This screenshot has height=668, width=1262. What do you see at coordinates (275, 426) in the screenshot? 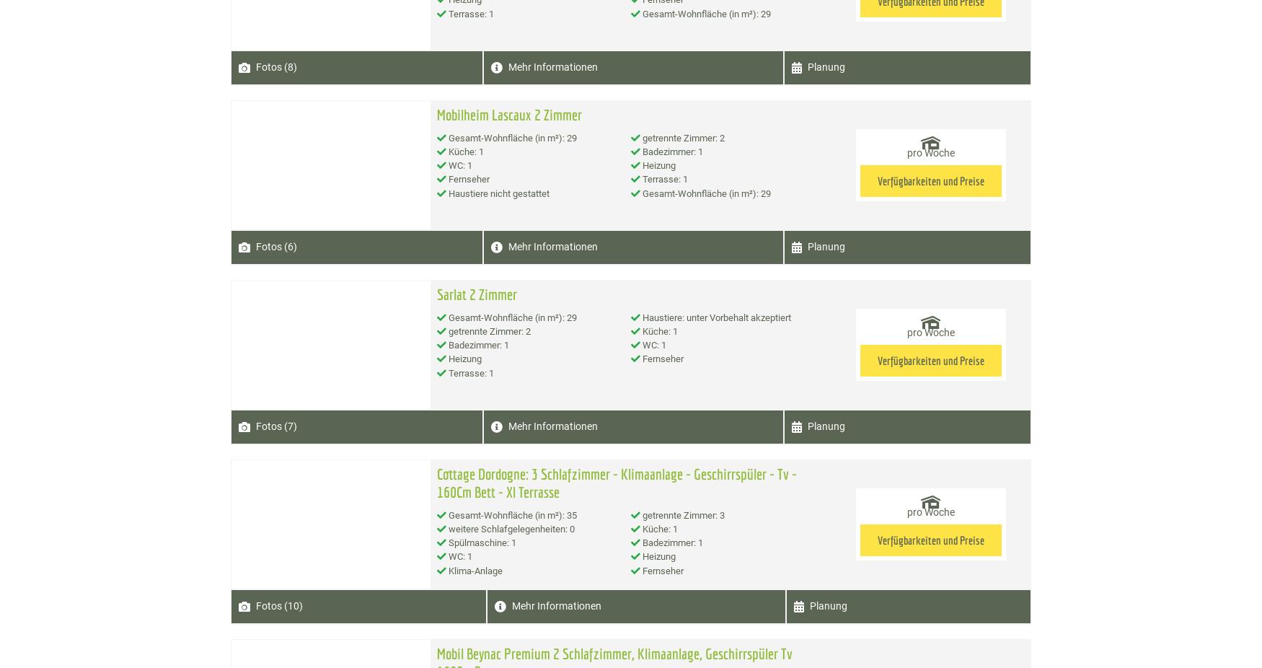
I see `'Fotos (7)'` at bounding box center [275, 426].